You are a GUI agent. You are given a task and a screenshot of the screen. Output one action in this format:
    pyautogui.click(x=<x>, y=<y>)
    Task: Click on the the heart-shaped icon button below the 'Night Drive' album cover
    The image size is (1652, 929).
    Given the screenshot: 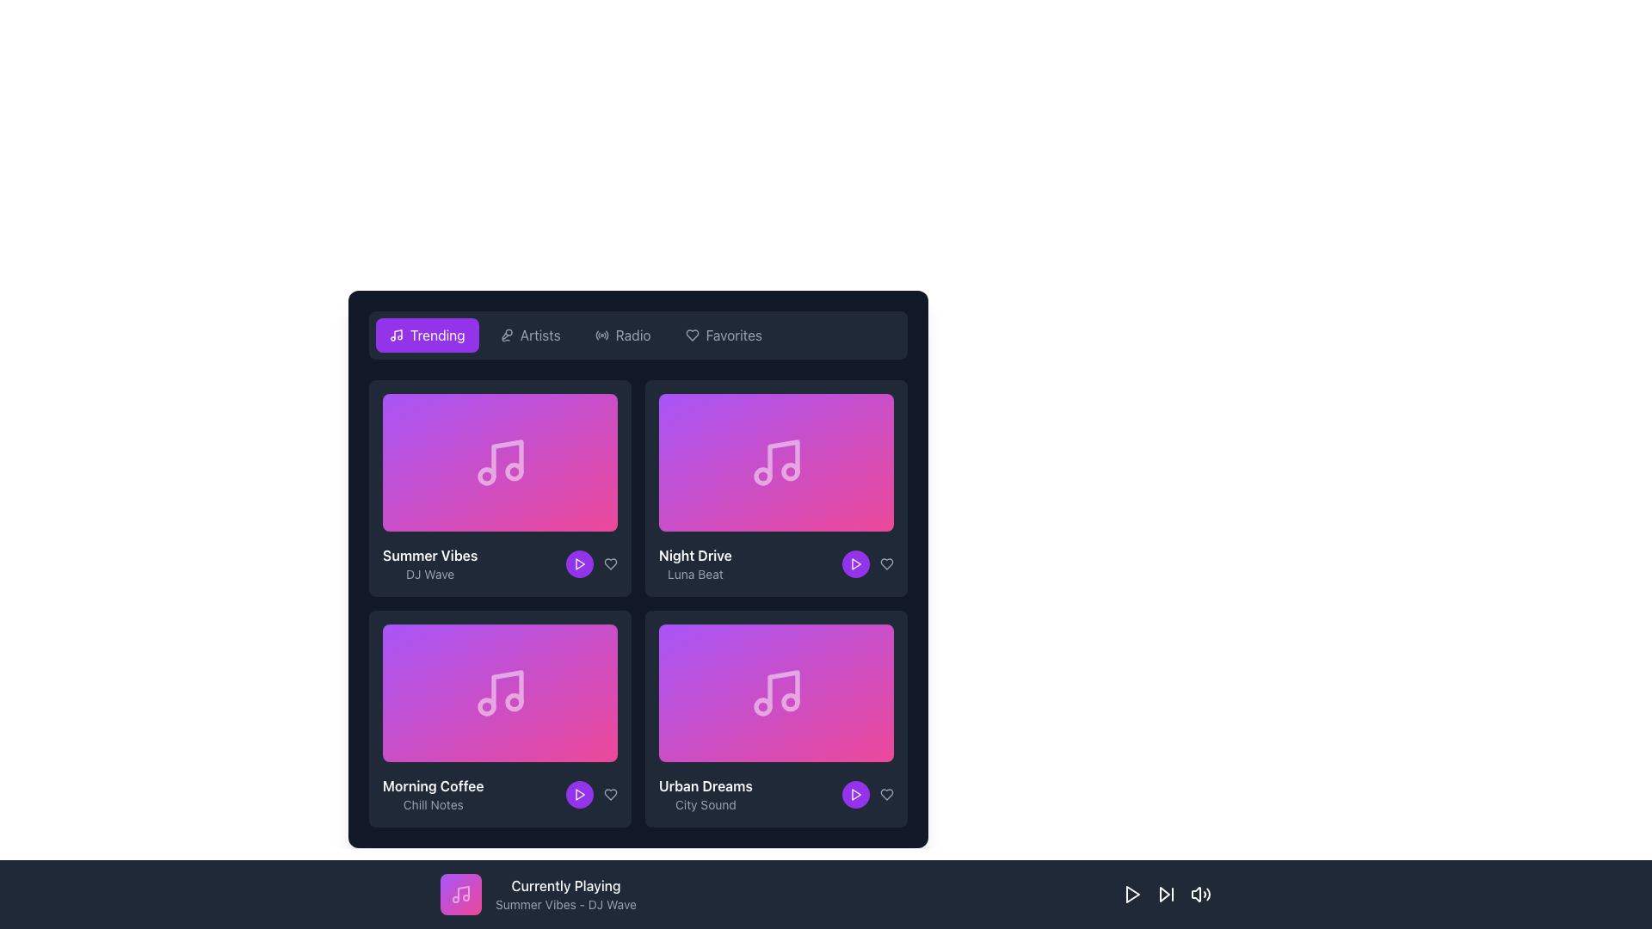 What is the action you would take?
    pyautogui.click(x=611, y=563)
    